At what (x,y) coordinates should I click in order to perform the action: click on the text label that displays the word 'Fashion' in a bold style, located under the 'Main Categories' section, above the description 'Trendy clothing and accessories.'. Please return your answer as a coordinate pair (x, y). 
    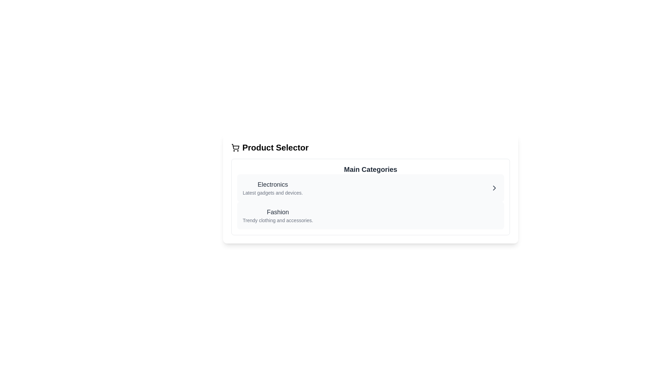
    Looking at the image, I should click on (278, 212).